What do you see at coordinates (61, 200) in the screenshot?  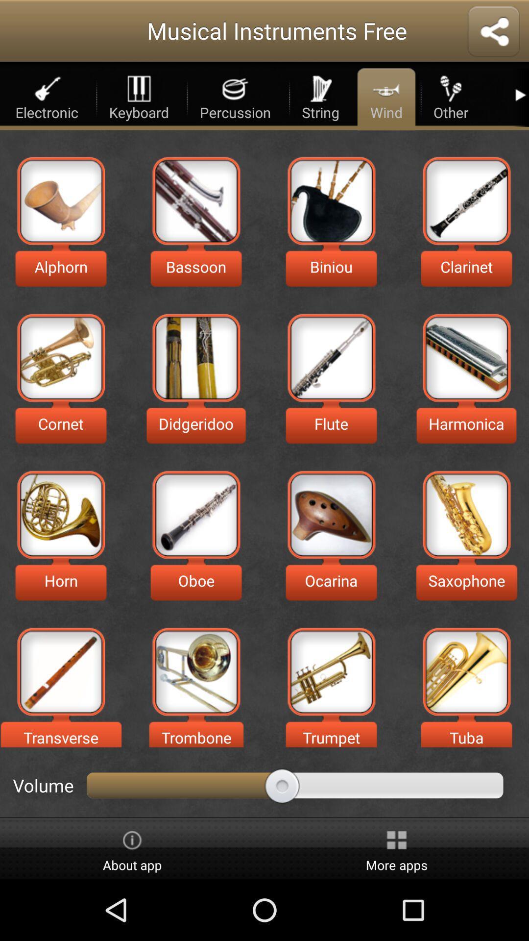 I see `this option` at bounding box center [61, 200].